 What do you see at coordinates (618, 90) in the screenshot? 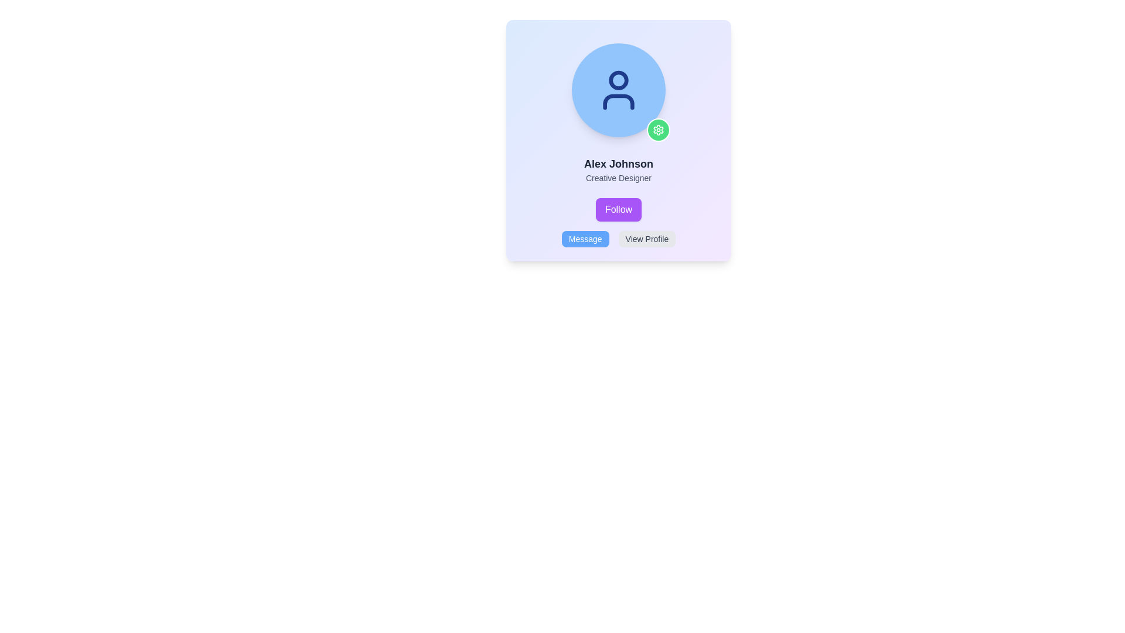
I see `the circular avatar image placeholder with a light blue background and a dark blue user icon, located at the top-center of the card component` at bounding box center [618, 90].